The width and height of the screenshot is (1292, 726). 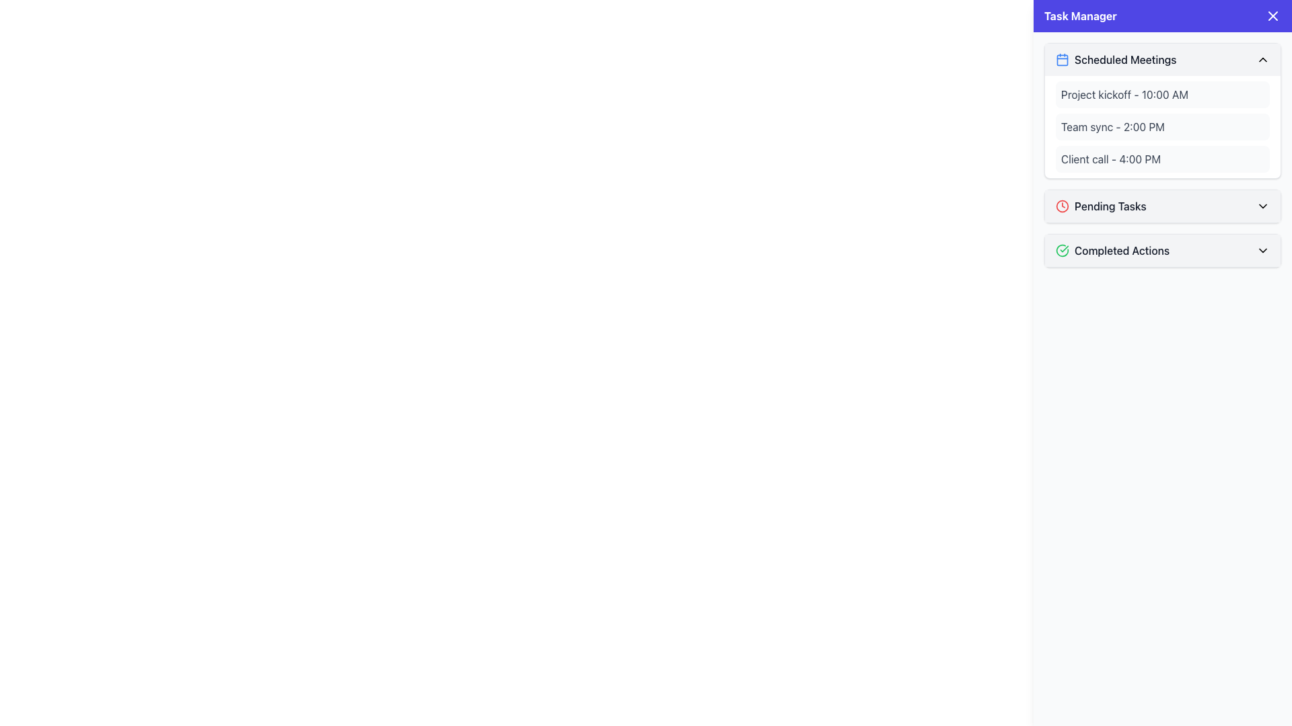 I want to click on the meeting schedule entry labeled 'Project kickoff - 10:00 AM' that is styled as a card with a rounded, light gray background within the 'Scheduled Meetings' section of the 'Task Manager.', so click(x=1162, y=94).